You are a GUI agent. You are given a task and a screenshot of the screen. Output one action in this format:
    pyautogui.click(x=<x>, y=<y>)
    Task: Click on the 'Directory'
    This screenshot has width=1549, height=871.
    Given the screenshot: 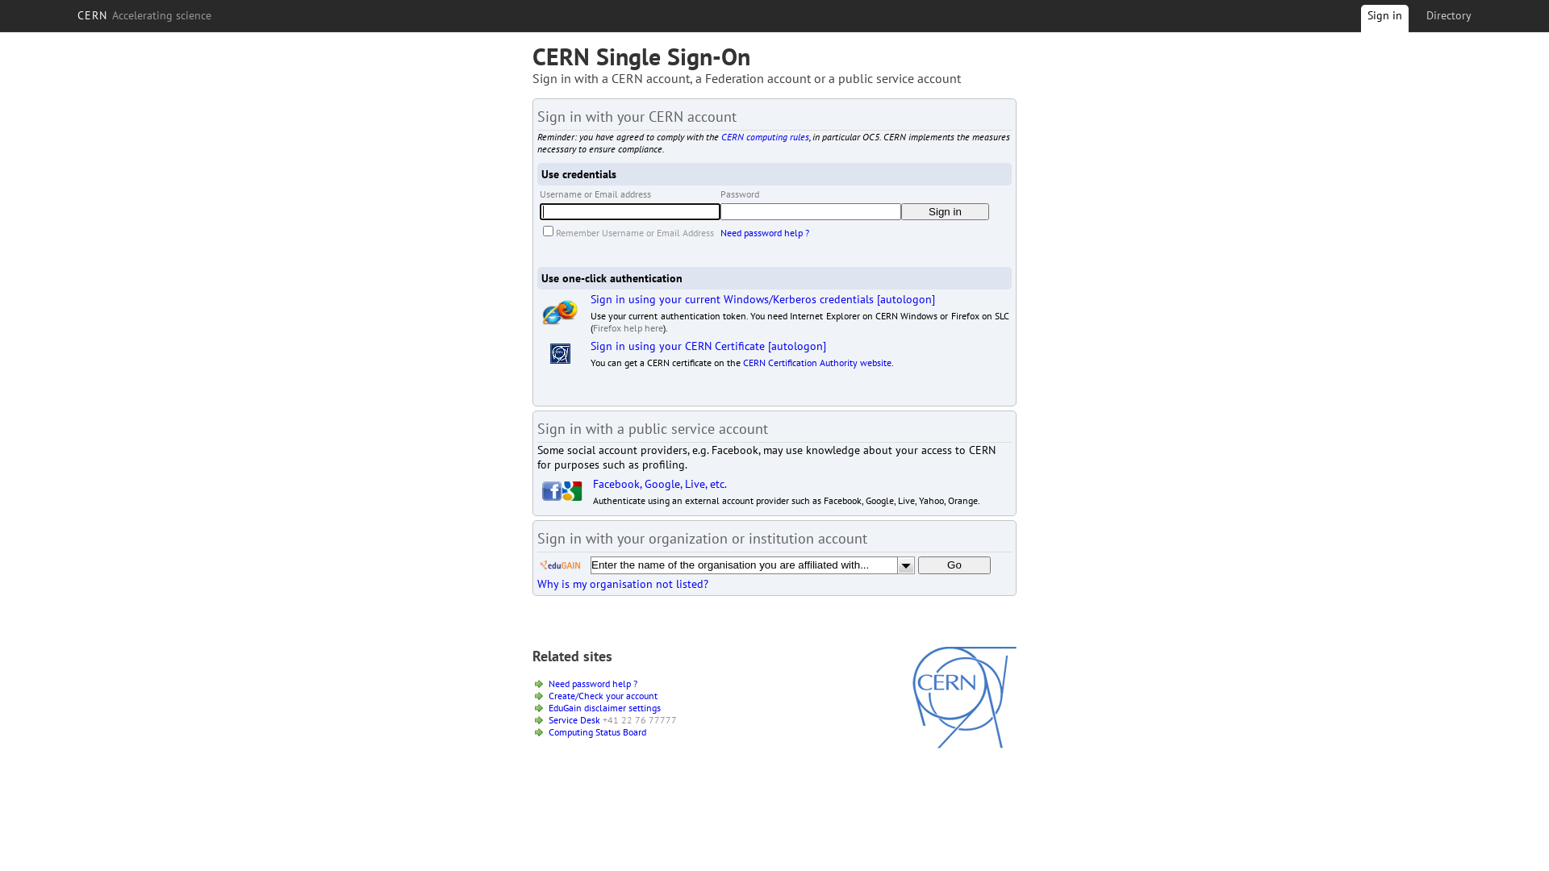 What is the action you would take?
    pyautogui.click(x=1448, y=15)
    